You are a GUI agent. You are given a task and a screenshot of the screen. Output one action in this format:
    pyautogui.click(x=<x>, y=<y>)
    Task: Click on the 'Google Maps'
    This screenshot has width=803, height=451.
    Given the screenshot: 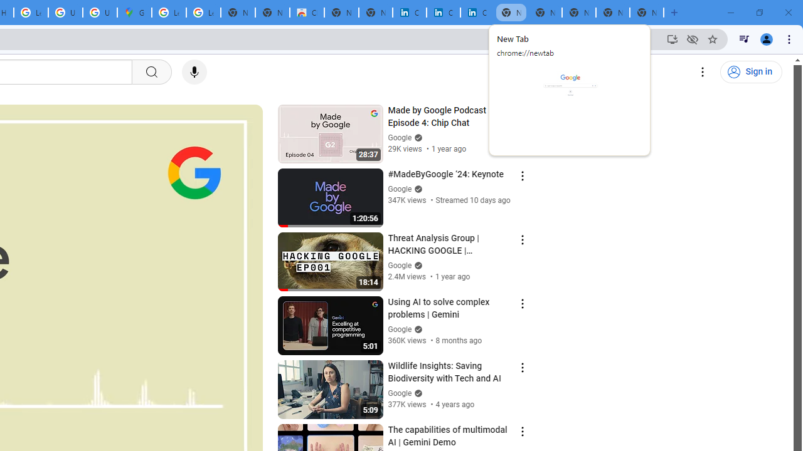 What is the action you would take?
    pyautogui.click(x=134, y=13)
    